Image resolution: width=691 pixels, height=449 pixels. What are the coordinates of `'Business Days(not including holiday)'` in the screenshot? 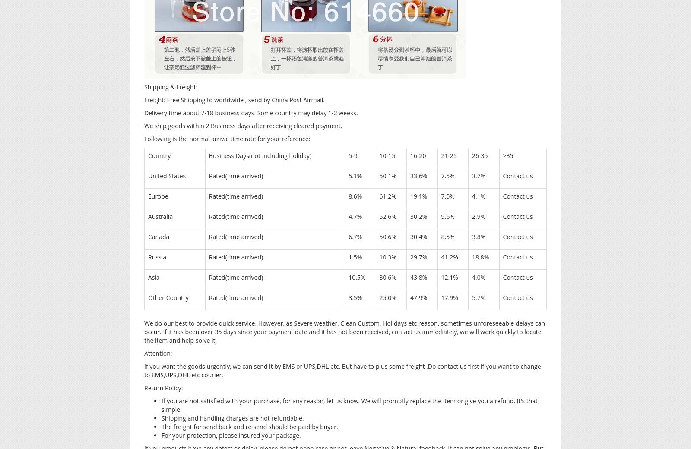 It's located at (260, 155).